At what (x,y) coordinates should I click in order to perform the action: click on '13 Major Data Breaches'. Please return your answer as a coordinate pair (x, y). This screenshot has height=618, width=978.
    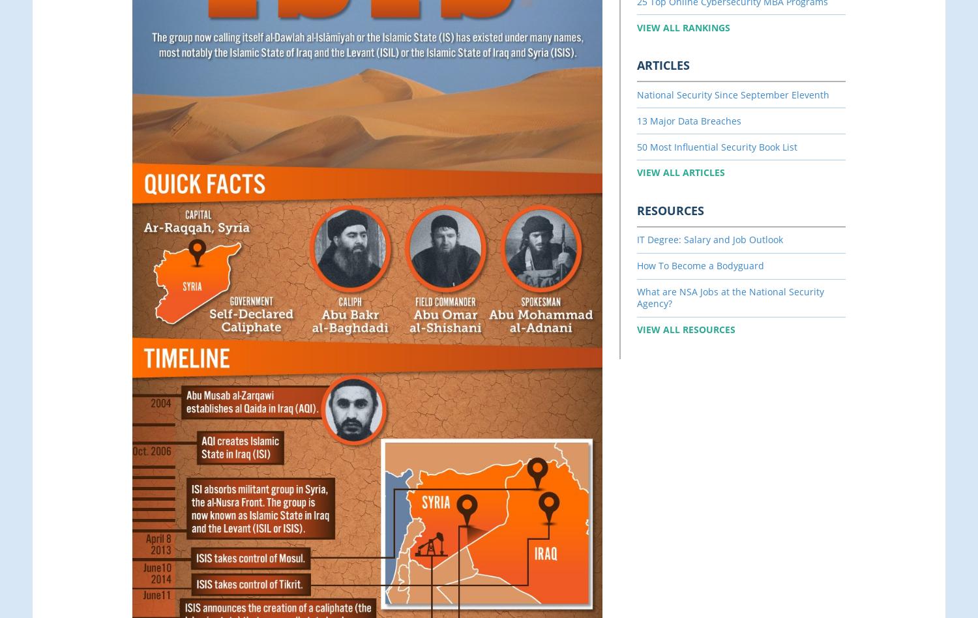
    Looking at the image, I should click on (689, 119).